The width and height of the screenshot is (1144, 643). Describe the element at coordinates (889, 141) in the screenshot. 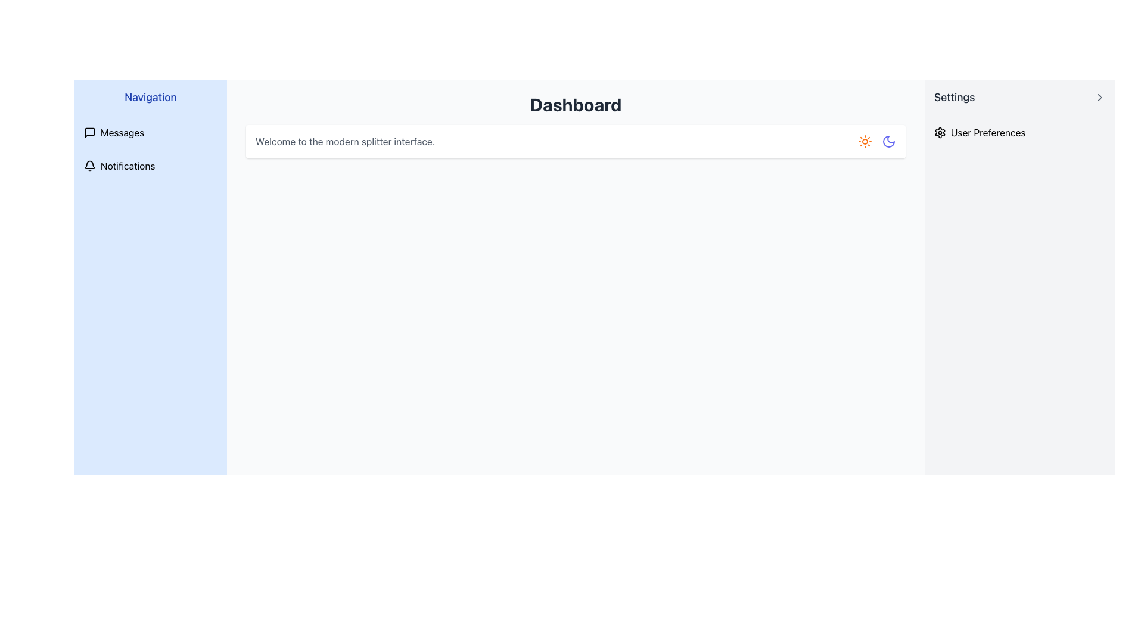

I see `the crescent moon-shaped blue icon located in the top-right corner of the interface` at that location.